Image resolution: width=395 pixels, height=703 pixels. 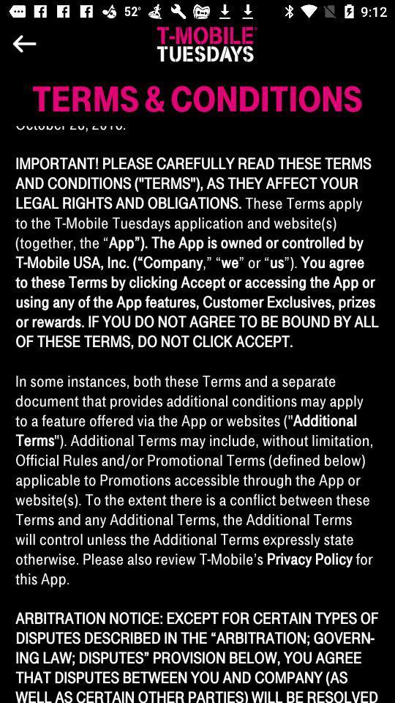 I want to click on the arrow button at the top of the page, so click(x=61, y=43).